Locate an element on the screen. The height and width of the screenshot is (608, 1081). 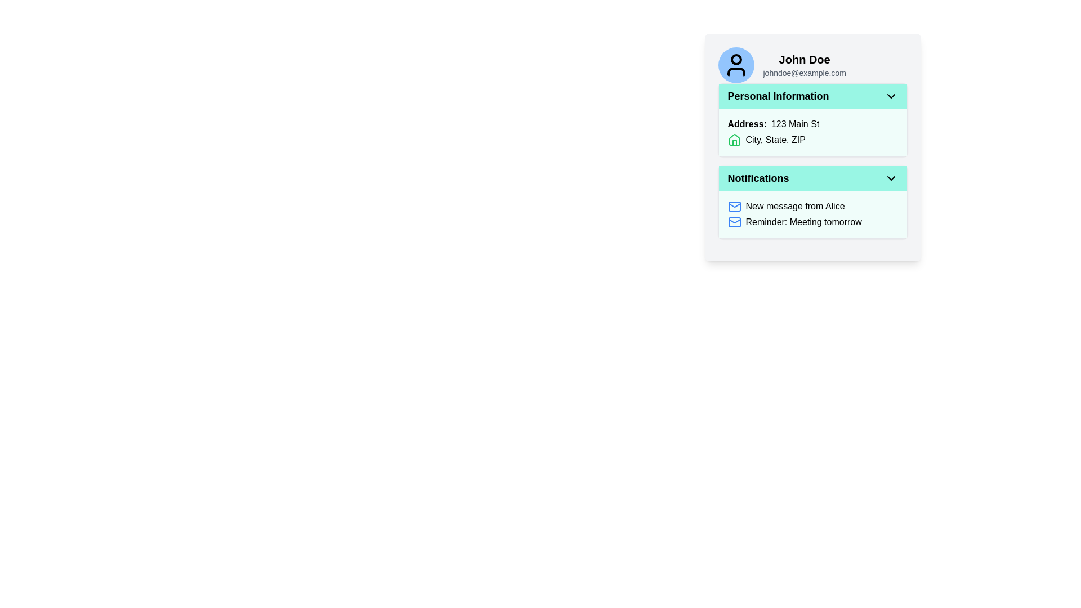
the green house icon located in the upper part of the card component, positioned near the top-left corner is located at coordinates (734, 139).